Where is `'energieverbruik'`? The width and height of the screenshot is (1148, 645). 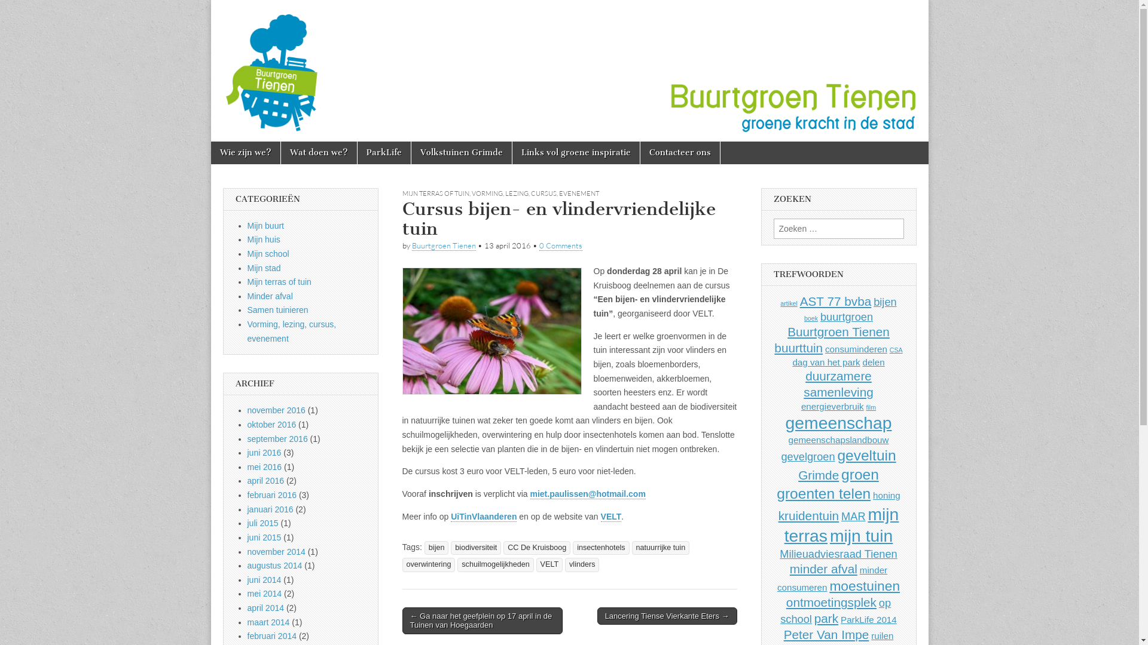
'energieverbruik' is located at coordinates (832, 406).